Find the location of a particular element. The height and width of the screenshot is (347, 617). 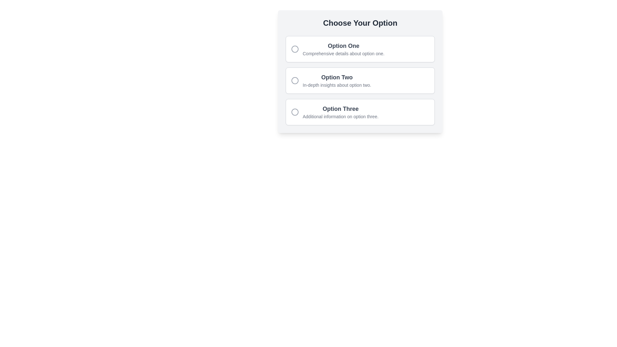

the circular icon indicating the selection for 'Option Three' to mark it as selected is located at coordinates (294, 111).